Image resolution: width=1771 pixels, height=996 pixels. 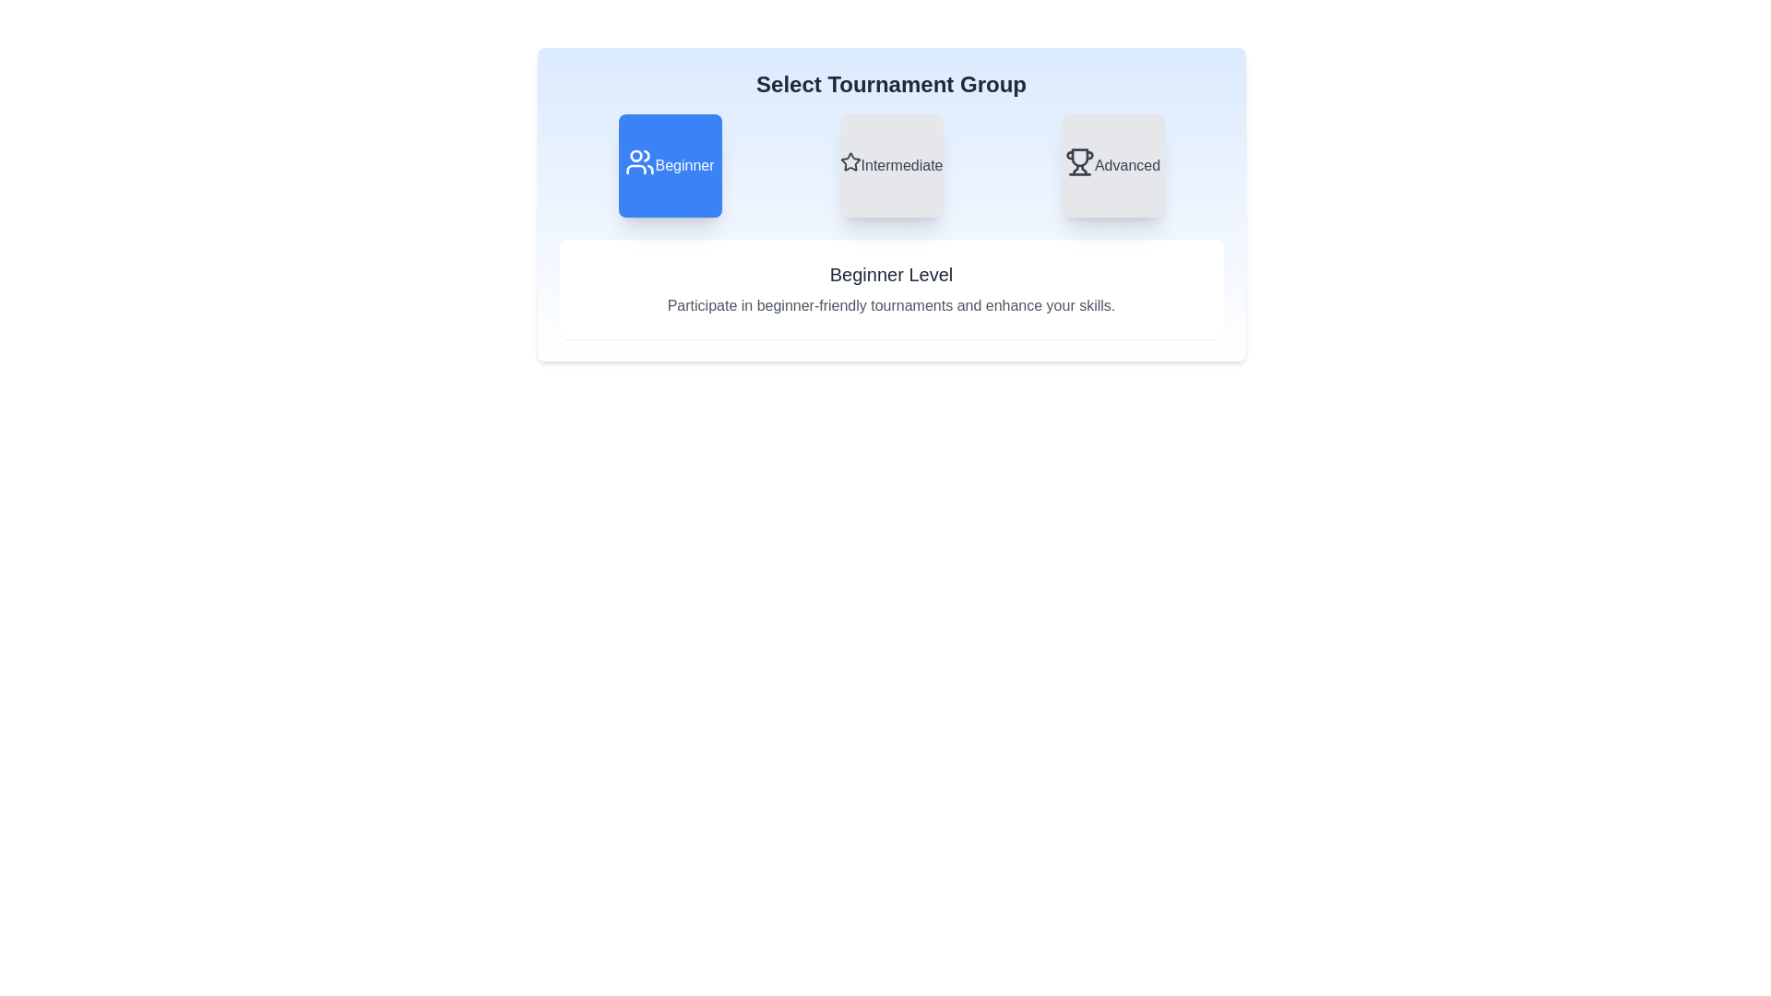 What do you see at coordinates (891, 166) in the screenshot?
I see `the medium-sized rectangular button labeled 'Intermediate' with a light gray background and an outlined star icon, located between the 'Beginner' and 'Advanced' buttons` at bounding box center [891, 166].